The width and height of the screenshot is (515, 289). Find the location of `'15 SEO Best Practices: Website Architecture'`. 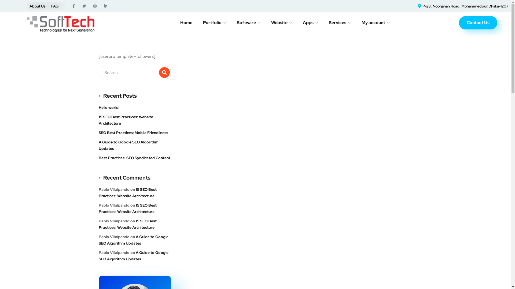

'15 SEO Best Practices: Website Architecture' is located at coordinates (135, 120).